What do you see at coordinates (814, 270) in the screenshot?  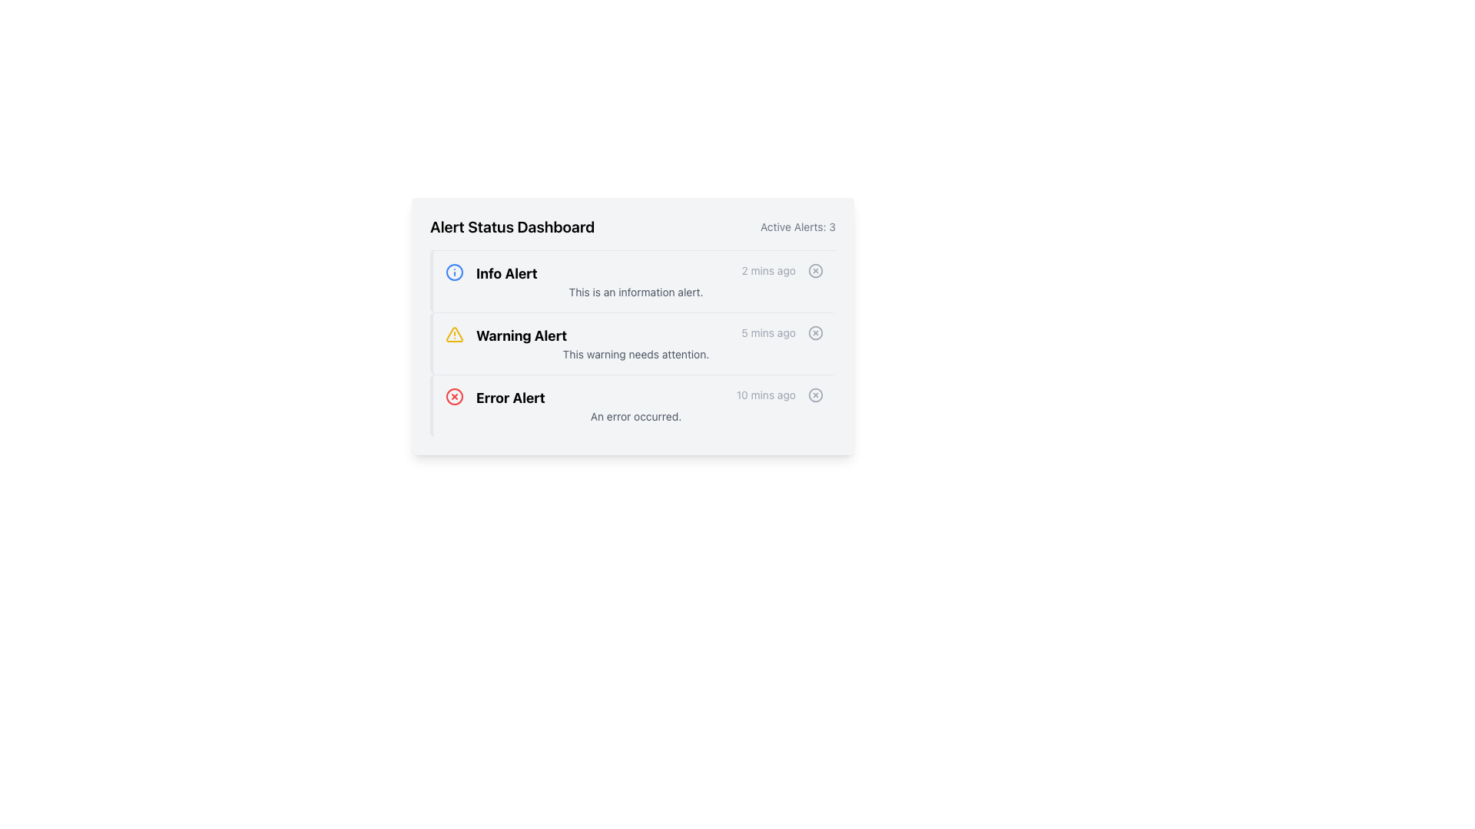 I see `the Close Button Icon located at the far right of the Info Alert entry row` at bounding box center [814, 270].